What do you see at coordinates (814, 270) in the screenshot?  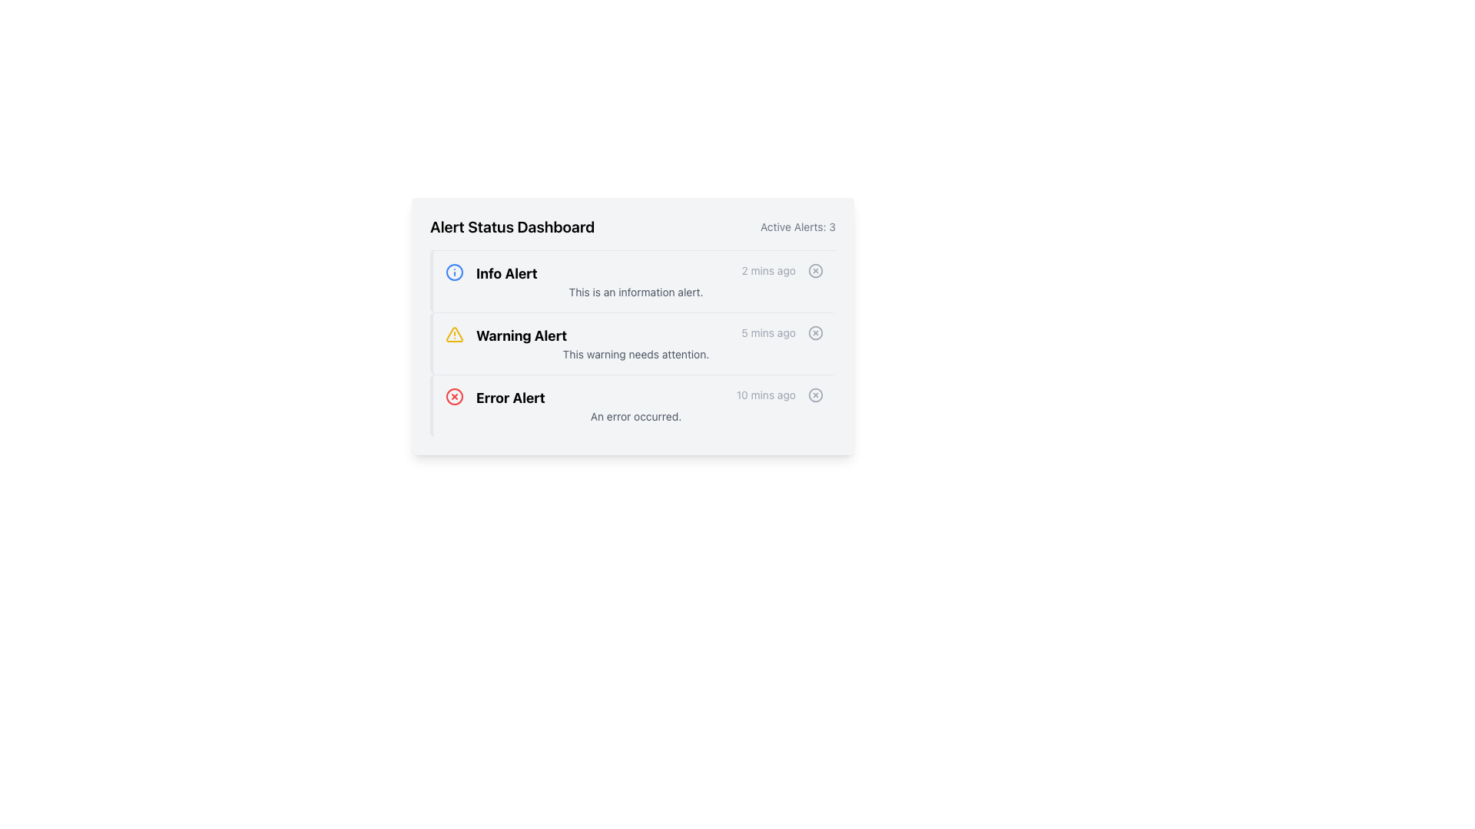 I see `the Close Button Icon located at the far right of the Info Alert entry row` at bounding box center [814, 270].